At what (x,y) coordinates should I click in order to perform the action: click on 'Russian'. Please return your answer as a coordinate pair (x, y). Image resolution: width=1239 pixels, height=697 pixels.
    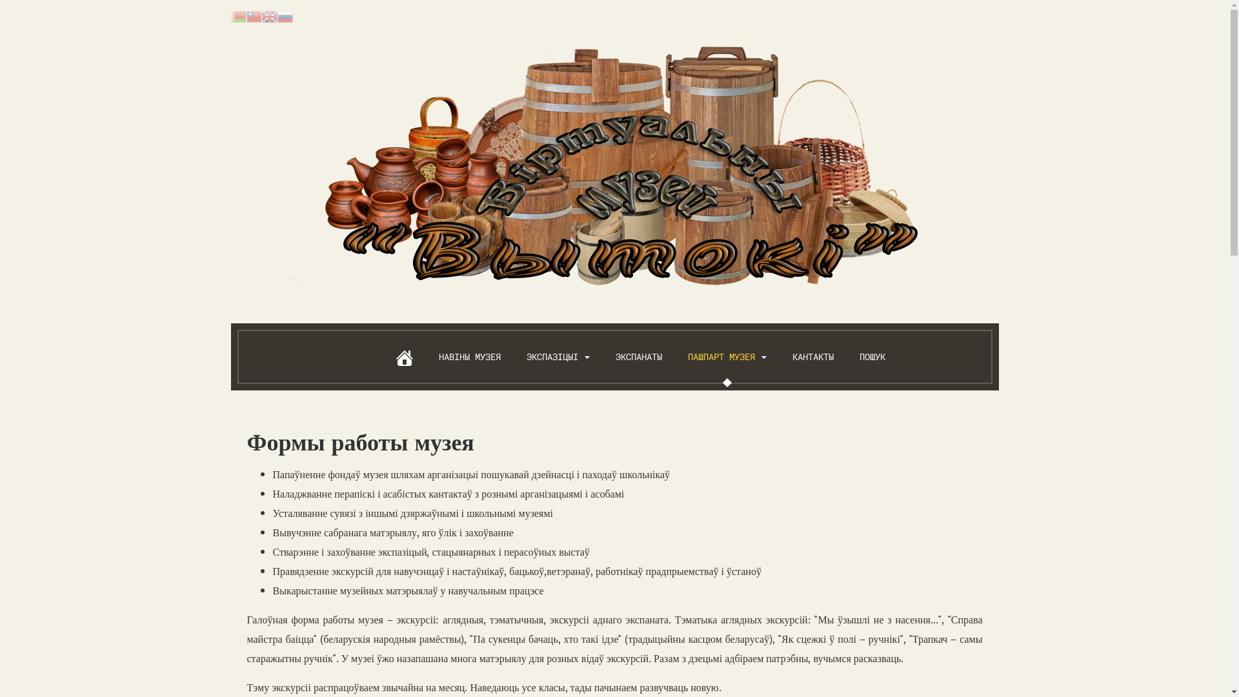
    Looking at the image, I should click on (284, 15).